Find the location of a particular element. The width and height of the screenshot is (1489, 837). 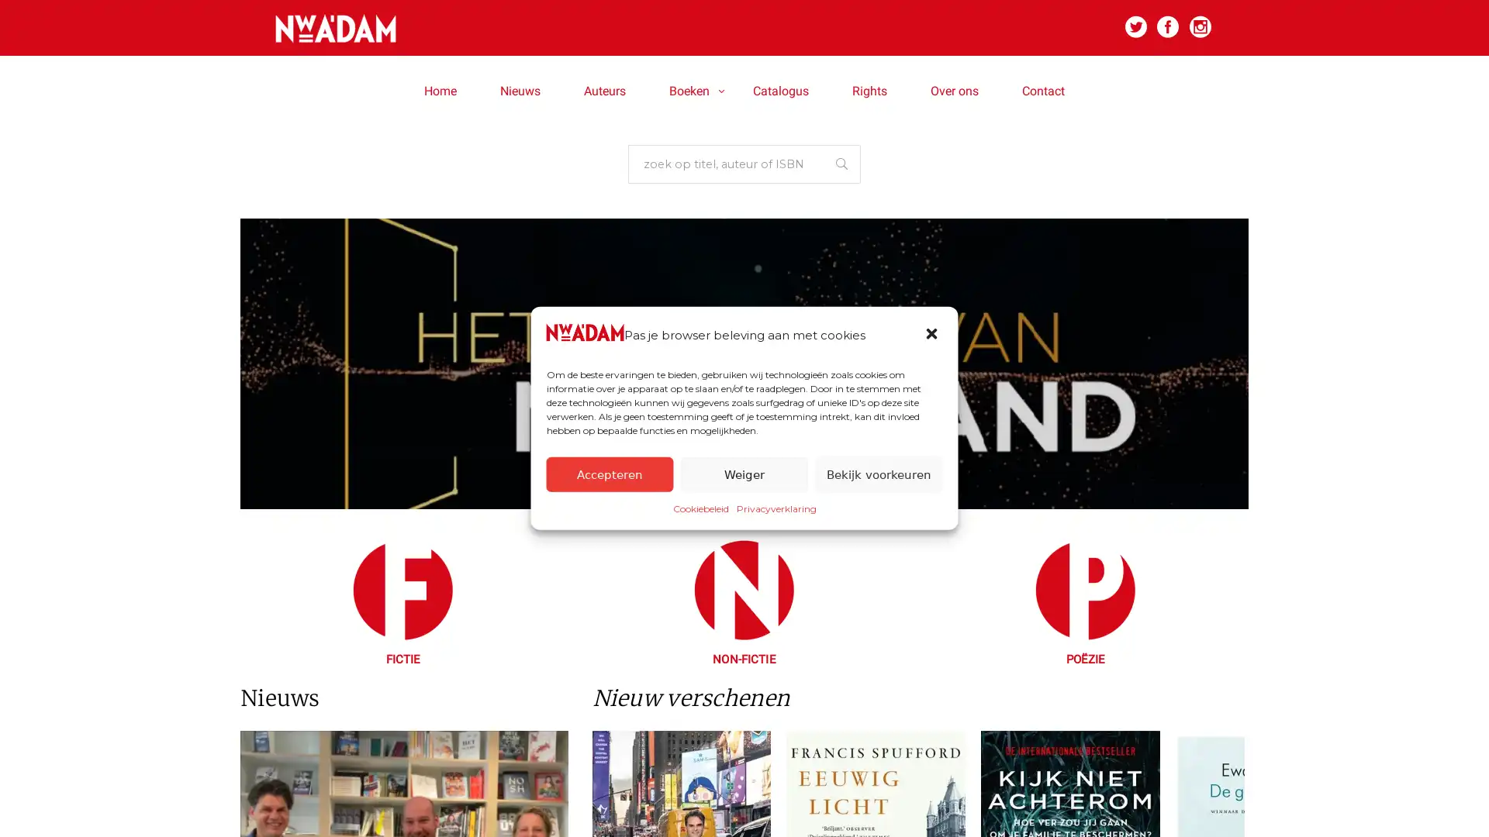

Accepteren is located at coordinates (609, 474).